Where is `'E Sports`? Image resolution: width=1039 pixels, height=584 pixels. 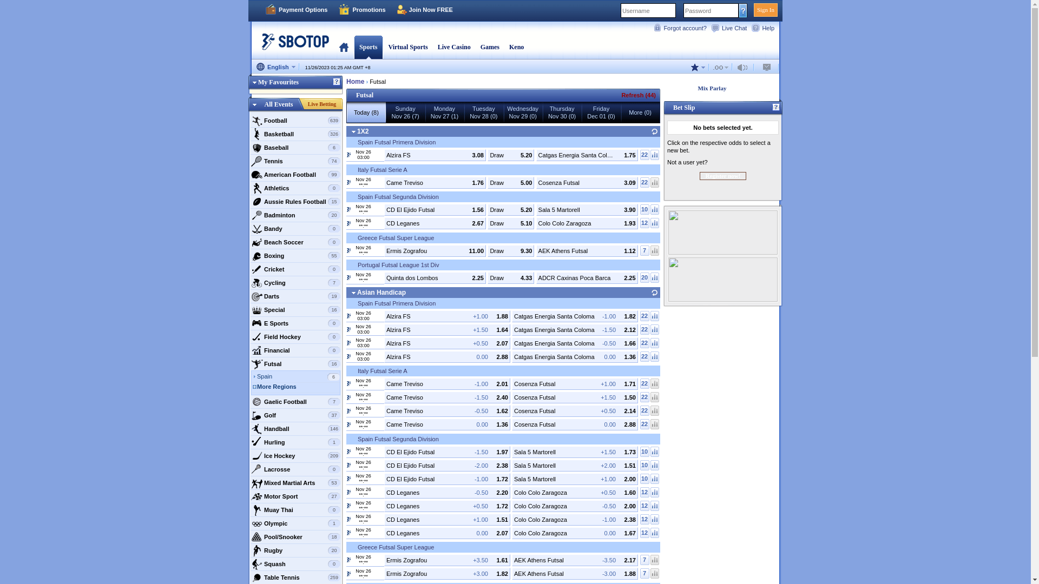 'E Sports is located at coordinates (295, 322).